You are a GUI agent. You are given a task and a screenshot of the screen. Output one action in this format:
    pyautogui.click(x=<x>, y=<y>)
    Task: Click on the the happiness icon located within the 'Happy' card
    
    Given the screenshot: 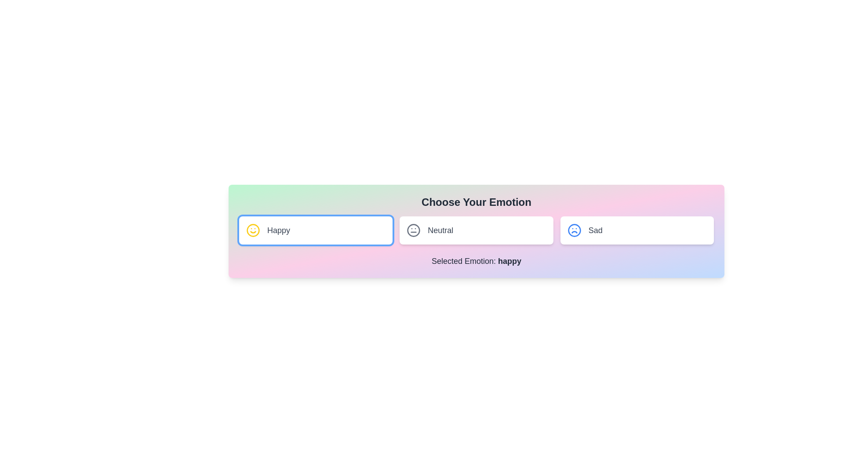 What is the action you would take?
    pyautogui.click(x=253, y=230)
    